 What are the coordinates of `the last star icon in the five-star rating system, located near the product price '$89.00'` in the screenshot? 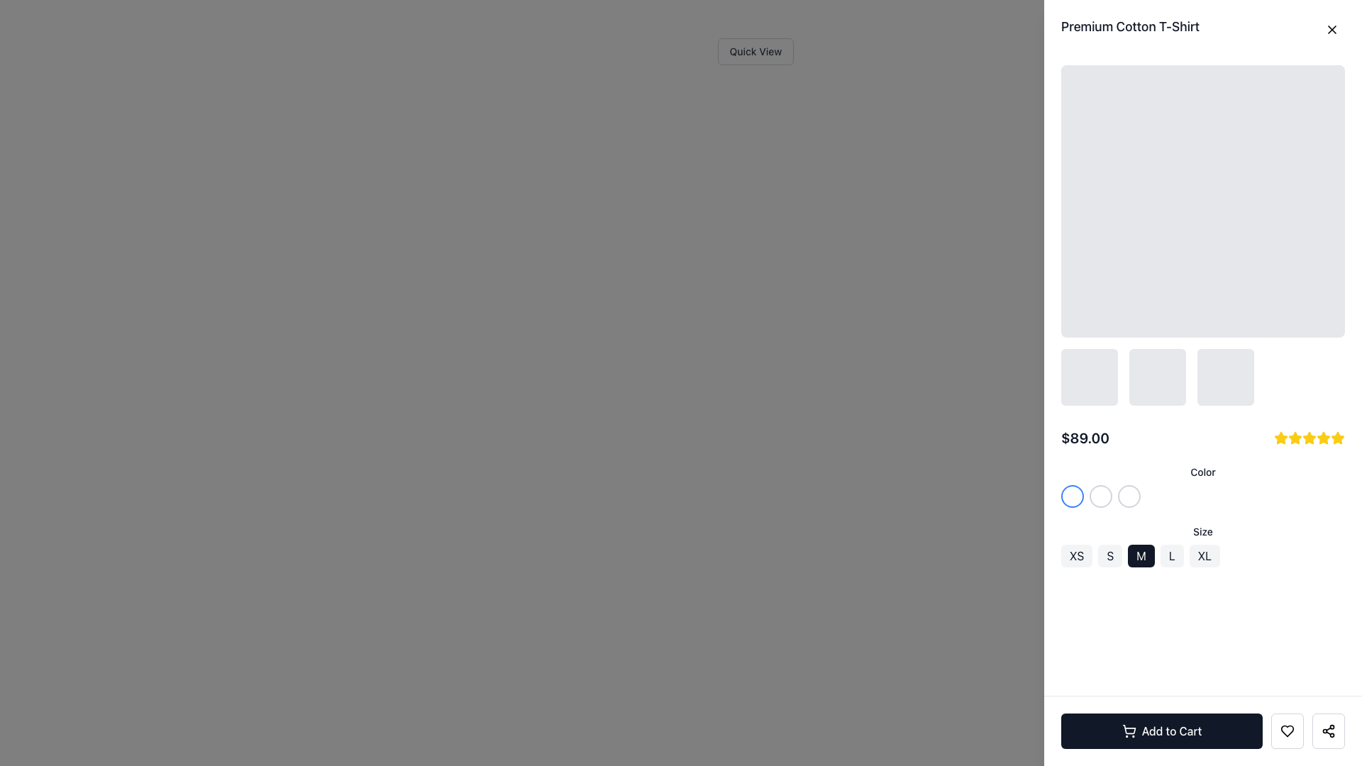 It's located at (1337, 437).